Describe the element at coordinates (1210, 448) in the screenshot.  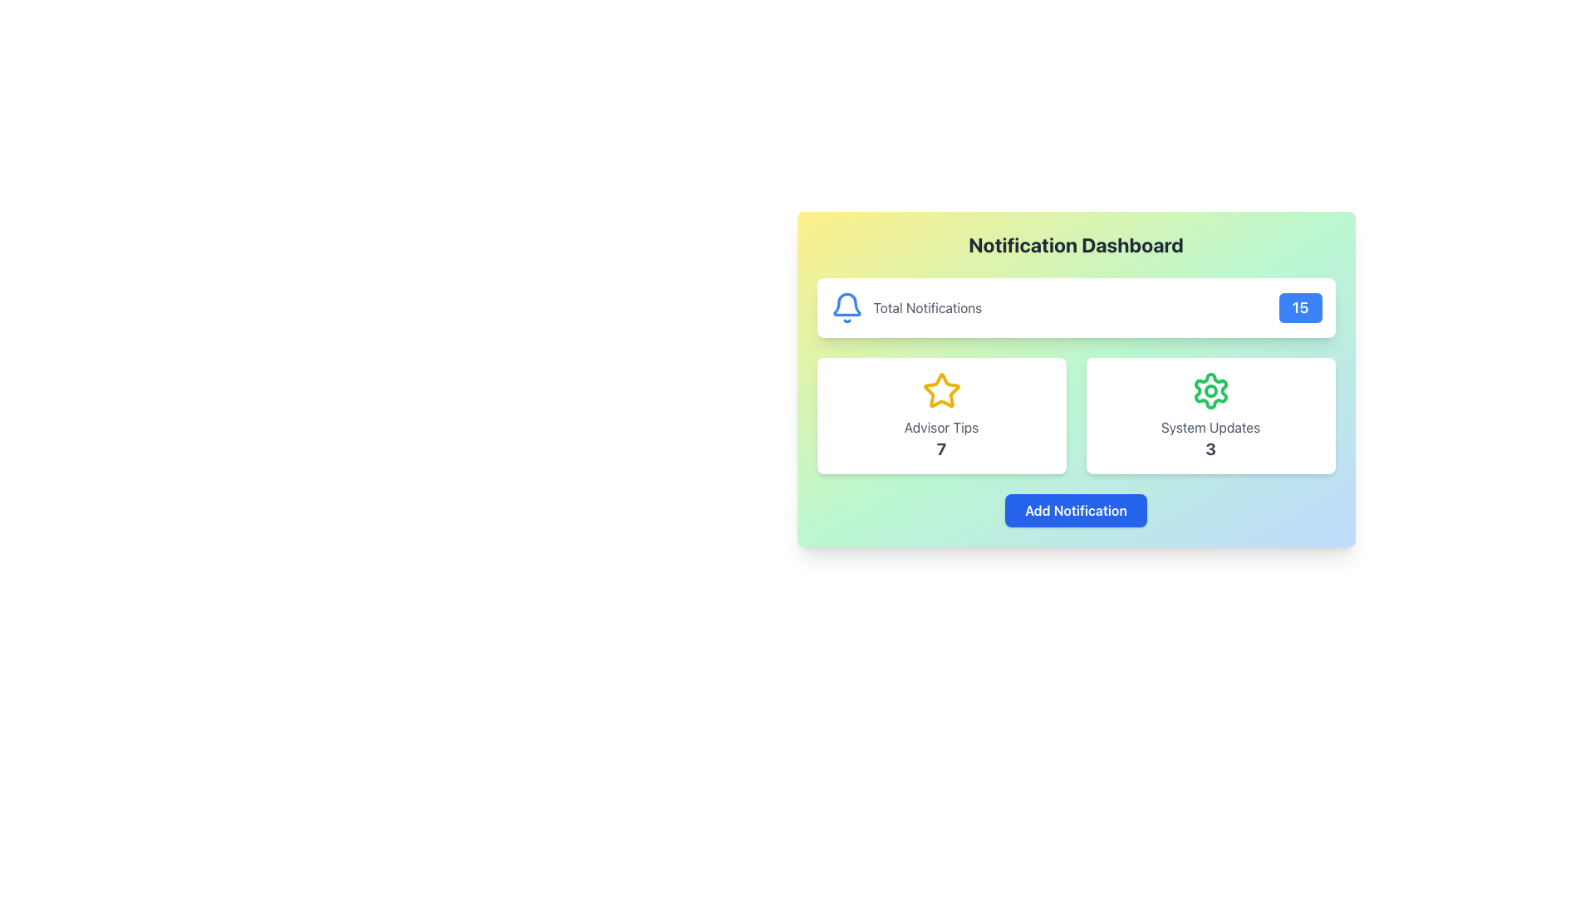
I see `the non-interactive Text Label displaying a numeric count related to 'System Updates', positioned directly below the 'System Updates' text` at that location.